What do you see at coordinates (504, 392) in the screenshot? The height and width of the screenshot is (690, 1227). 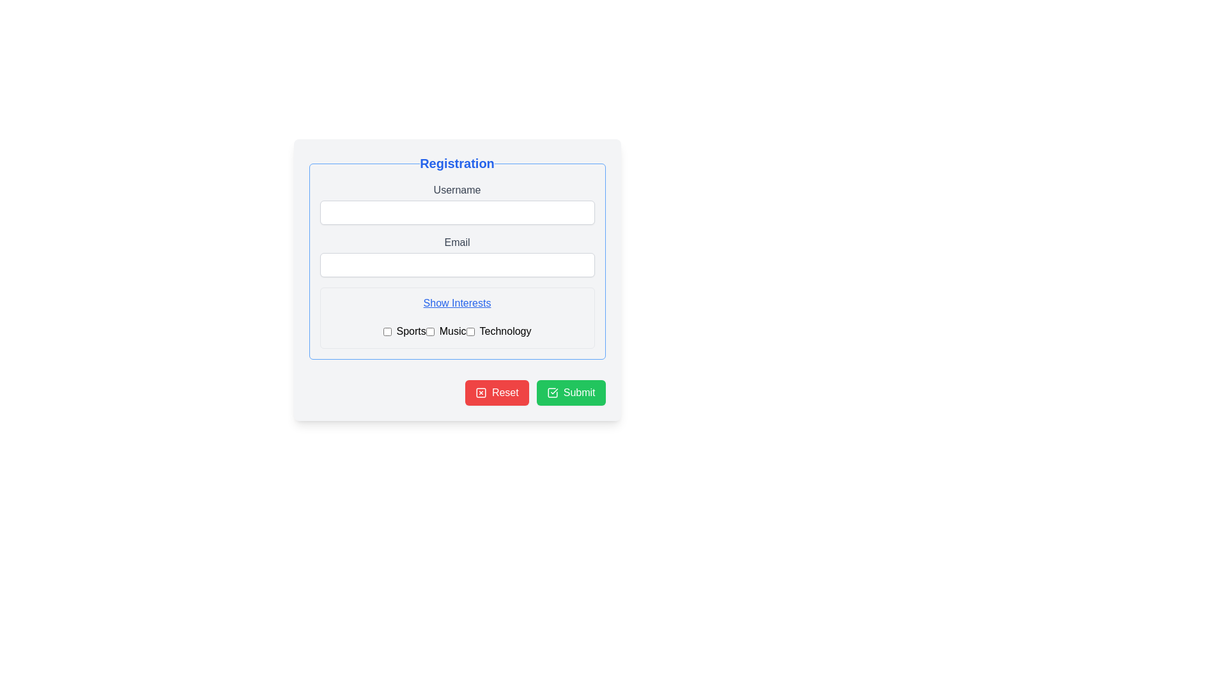 I see `the 'Reset' text label within the button located in the bottom-left corner of the form, adjacent to the green 'Submit' button` at bounding box center [504, 392].